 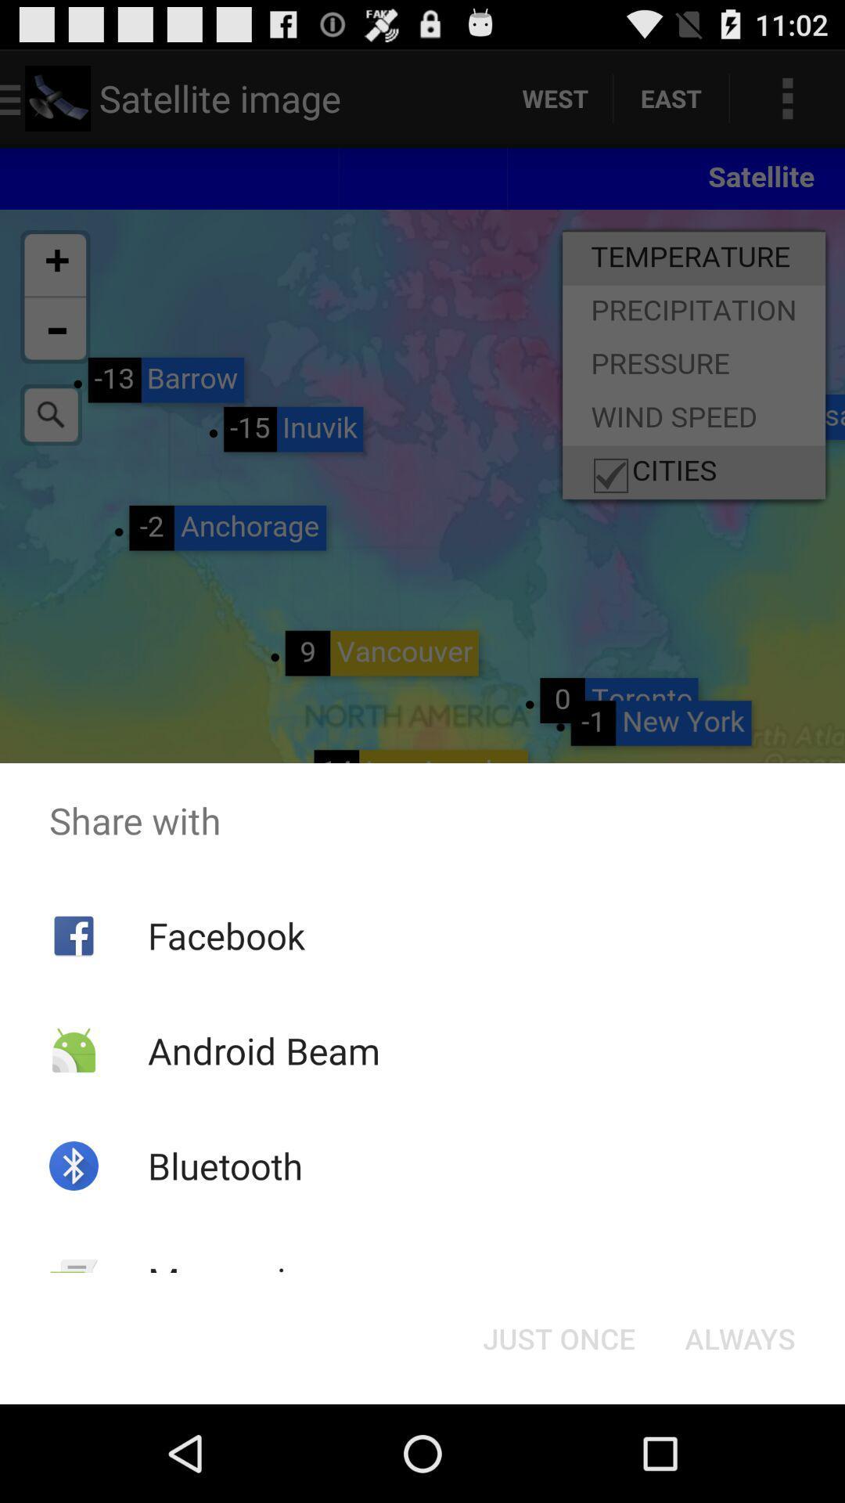 I want to click on the button next to always icon, so click(x=558, y=1337).